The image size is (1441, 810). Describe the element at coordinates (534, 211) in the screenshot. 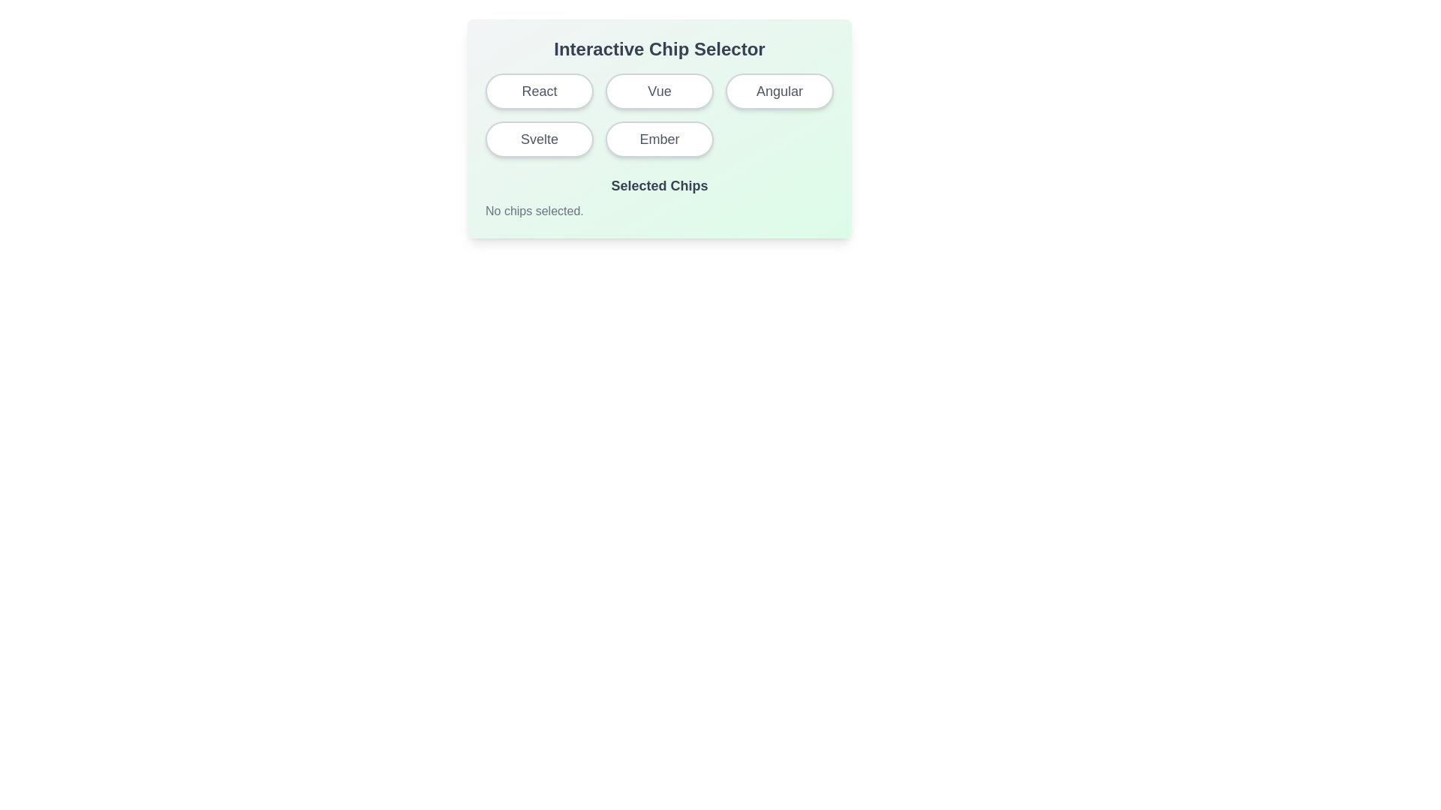

I see `the static text label that indicates no items or options have been selected in the interactive chip selector, located within the 'Selected Chips' section` at that location.